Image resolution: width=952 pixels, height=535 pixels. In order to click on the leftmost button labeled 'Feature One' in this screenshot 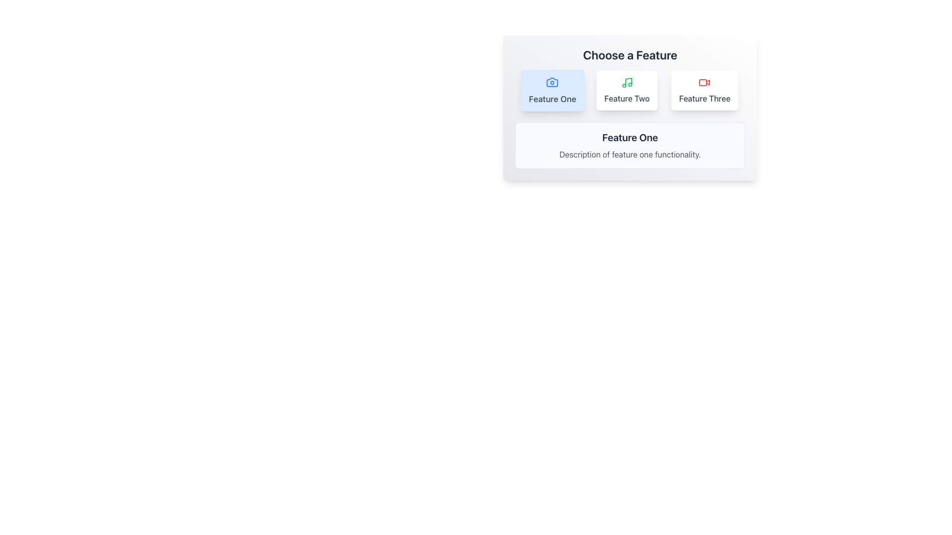, I will do `click(552, 90)`.